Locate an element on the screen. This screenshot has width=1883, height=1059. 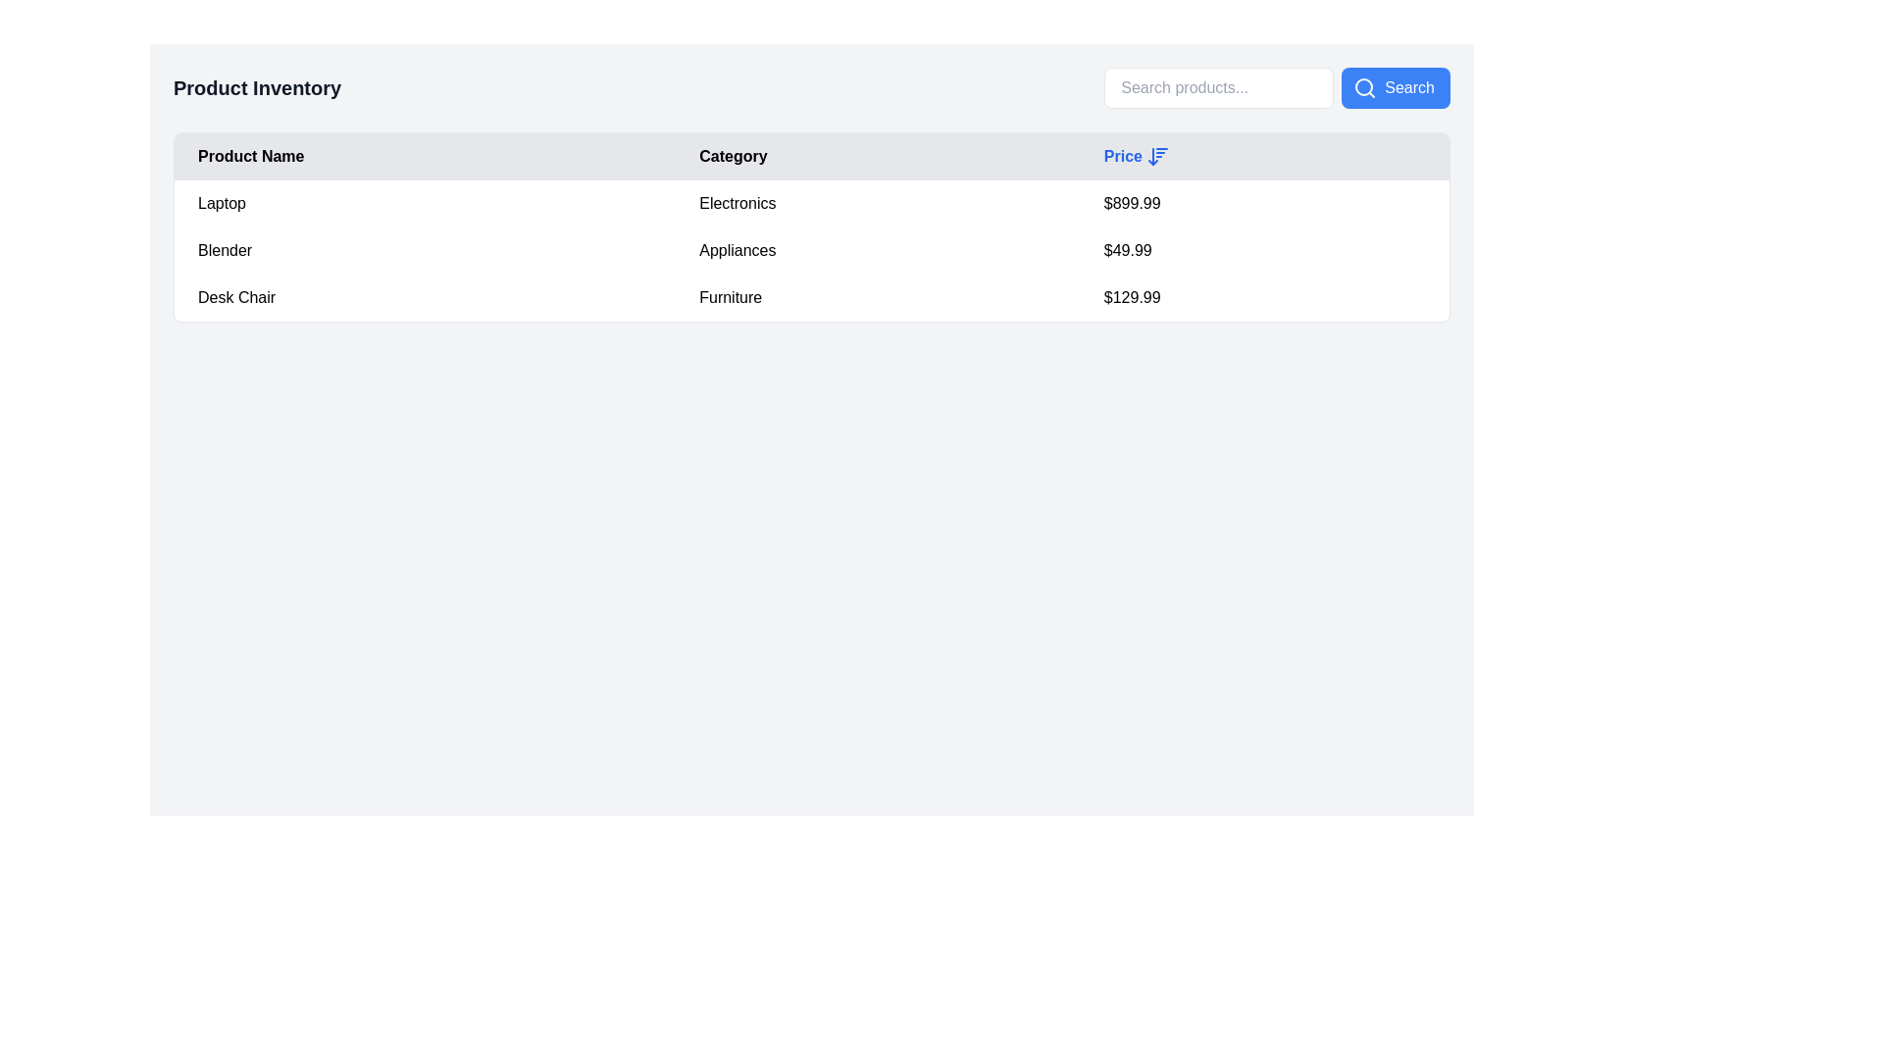
static text label 'Price' displayed in bold blue font, which serves as the header for the monetary values column in the table is located at coordinates (1123, 155).